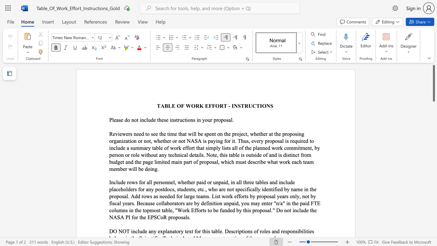 This screenshot has height=246, width=437. What do you see at coordinates (433, 184) in the screenshot?
I see `the scrollbar to move the page downward` at bounding box center [433, 184].